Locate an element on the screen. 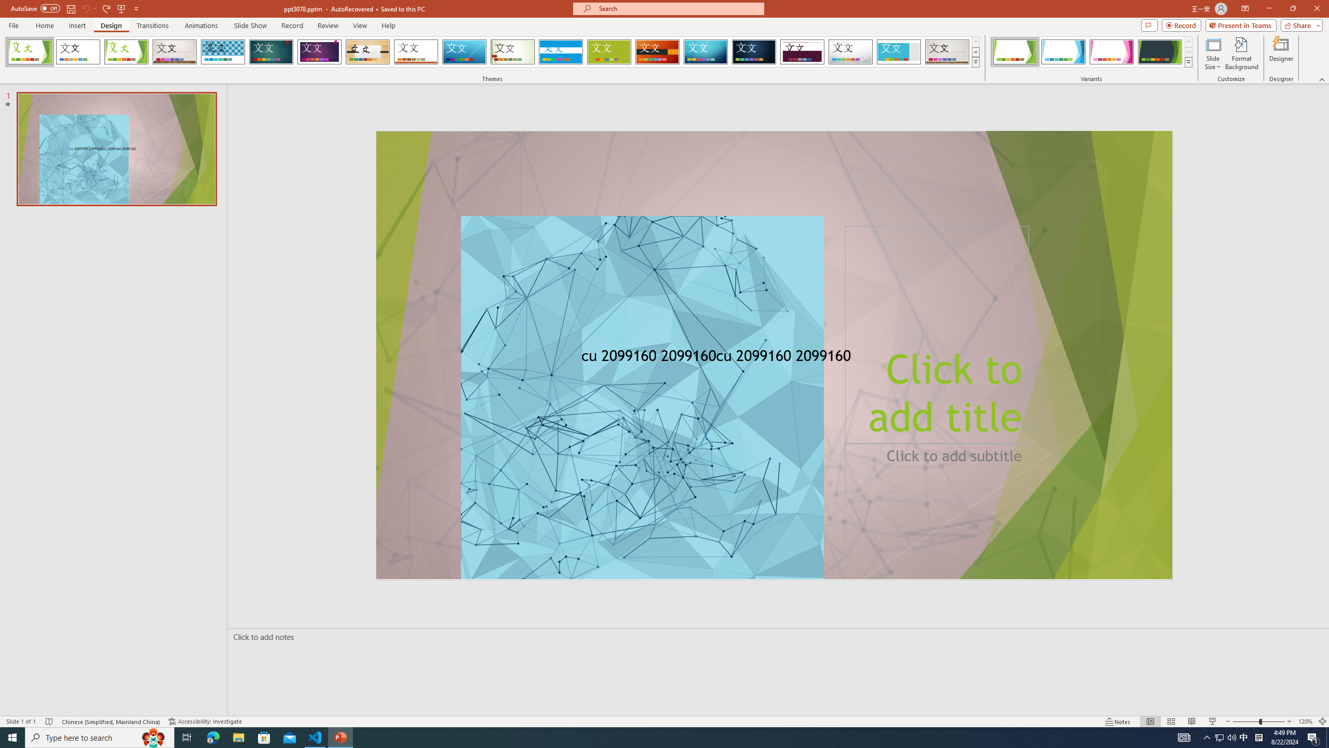 This screenshot has width=1329, height=748. 'Zoom 120%' is located at coordinates (1306, 722).